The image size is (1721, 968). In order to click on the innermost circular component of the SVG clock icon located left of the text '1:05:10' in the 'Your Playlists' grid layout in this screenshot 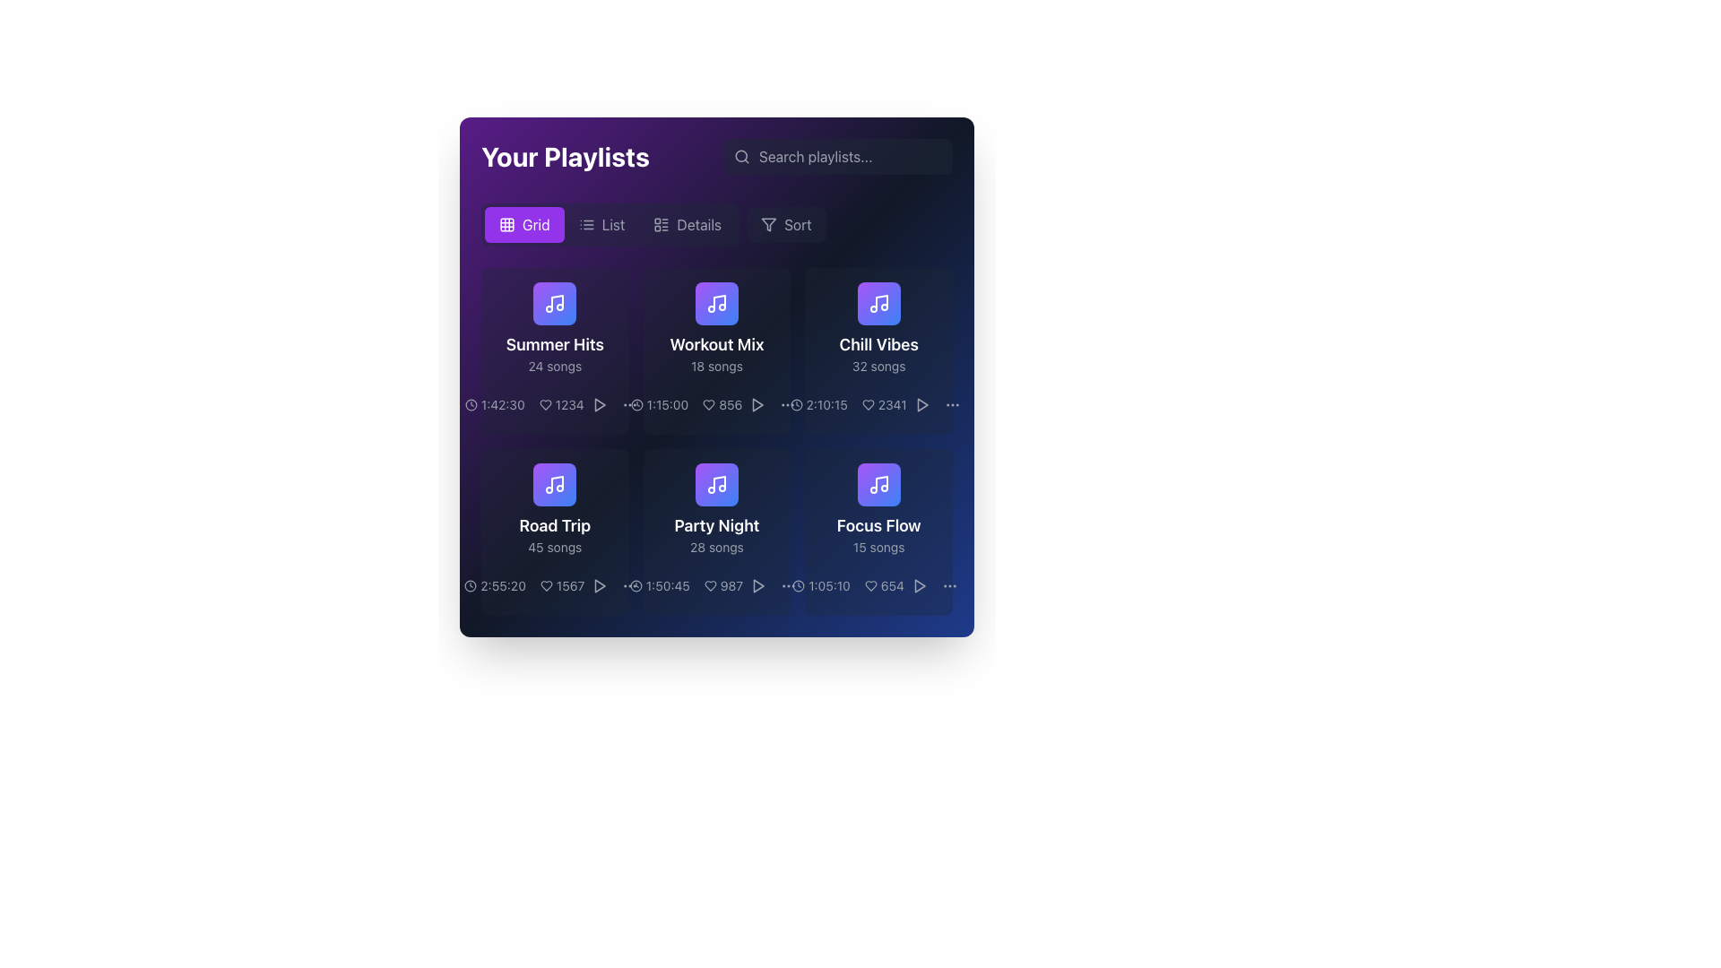, I will do `click(798, 586)`.